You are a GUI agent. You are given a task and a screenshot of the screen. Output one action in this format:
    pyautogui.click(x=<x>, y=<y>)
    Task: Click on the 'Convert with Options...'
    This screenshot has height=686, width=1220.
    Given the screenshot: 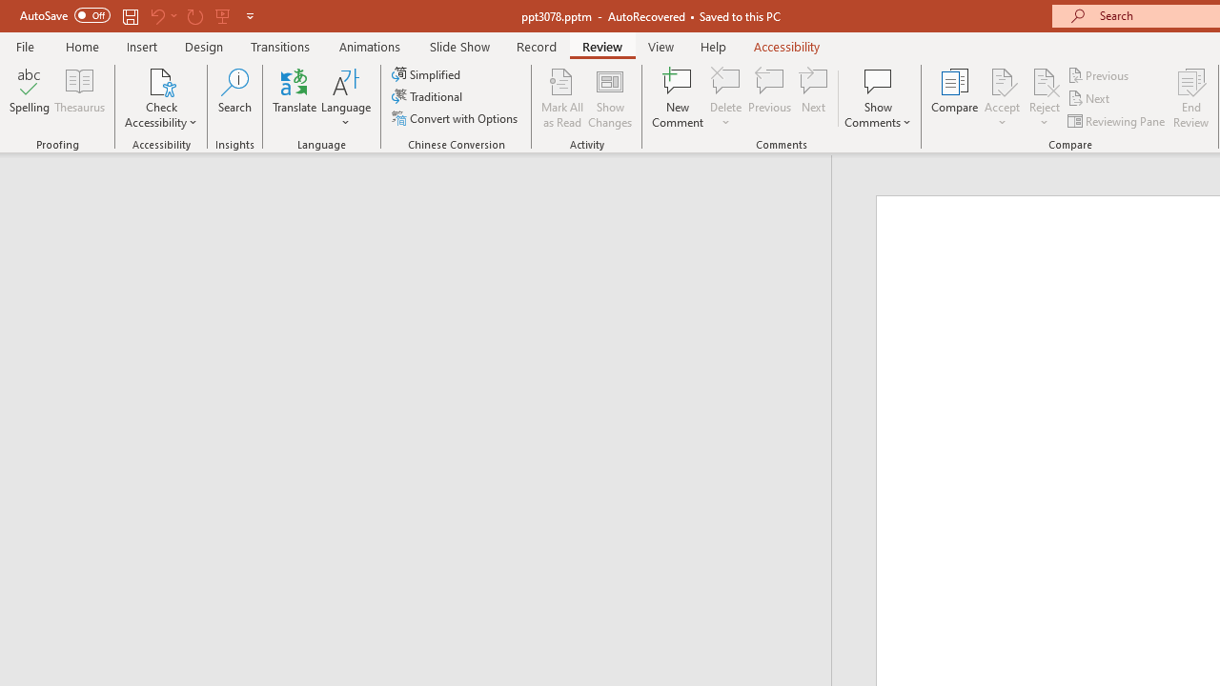 What is the action you would take?
    pyautogui.click(x=456, y=118)
    